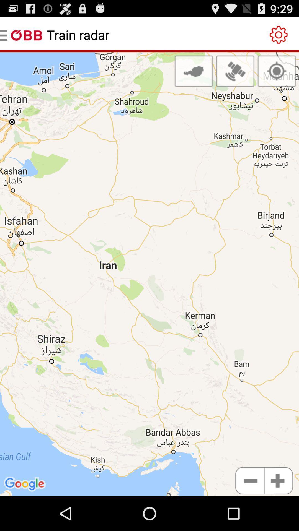  I want to click on the add icon, so click(279, 514).